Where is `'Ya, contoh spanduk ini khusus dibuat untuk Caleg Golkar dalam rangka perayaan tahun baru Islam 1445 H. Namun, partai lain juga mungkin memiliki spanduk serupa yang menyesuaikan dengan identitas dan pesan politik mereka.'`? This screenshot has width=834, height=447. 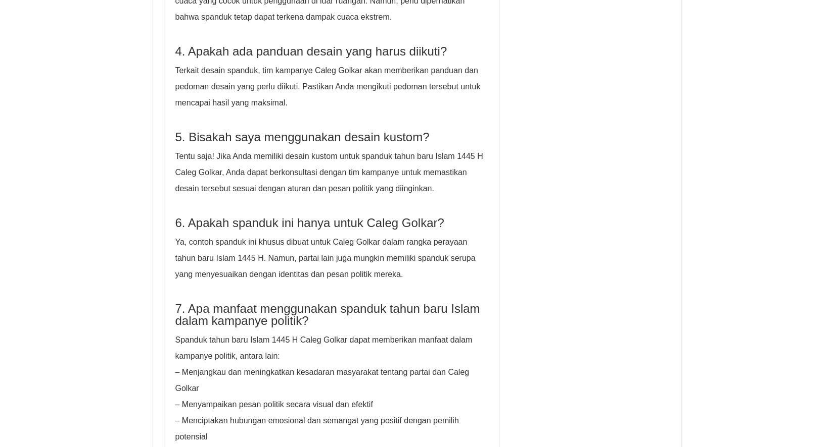 'Ya, contoh spanduk ini khusus dibuat untuk Caleg Golkar dalam rangka perayaan tahun baru Islam 1445 H. Namun, partai lain juga mungkin memiliki spanduk serupa yang menyesuaikan dengan identitas dan pesan politik mereka.' is located at coordinates (175, 257).